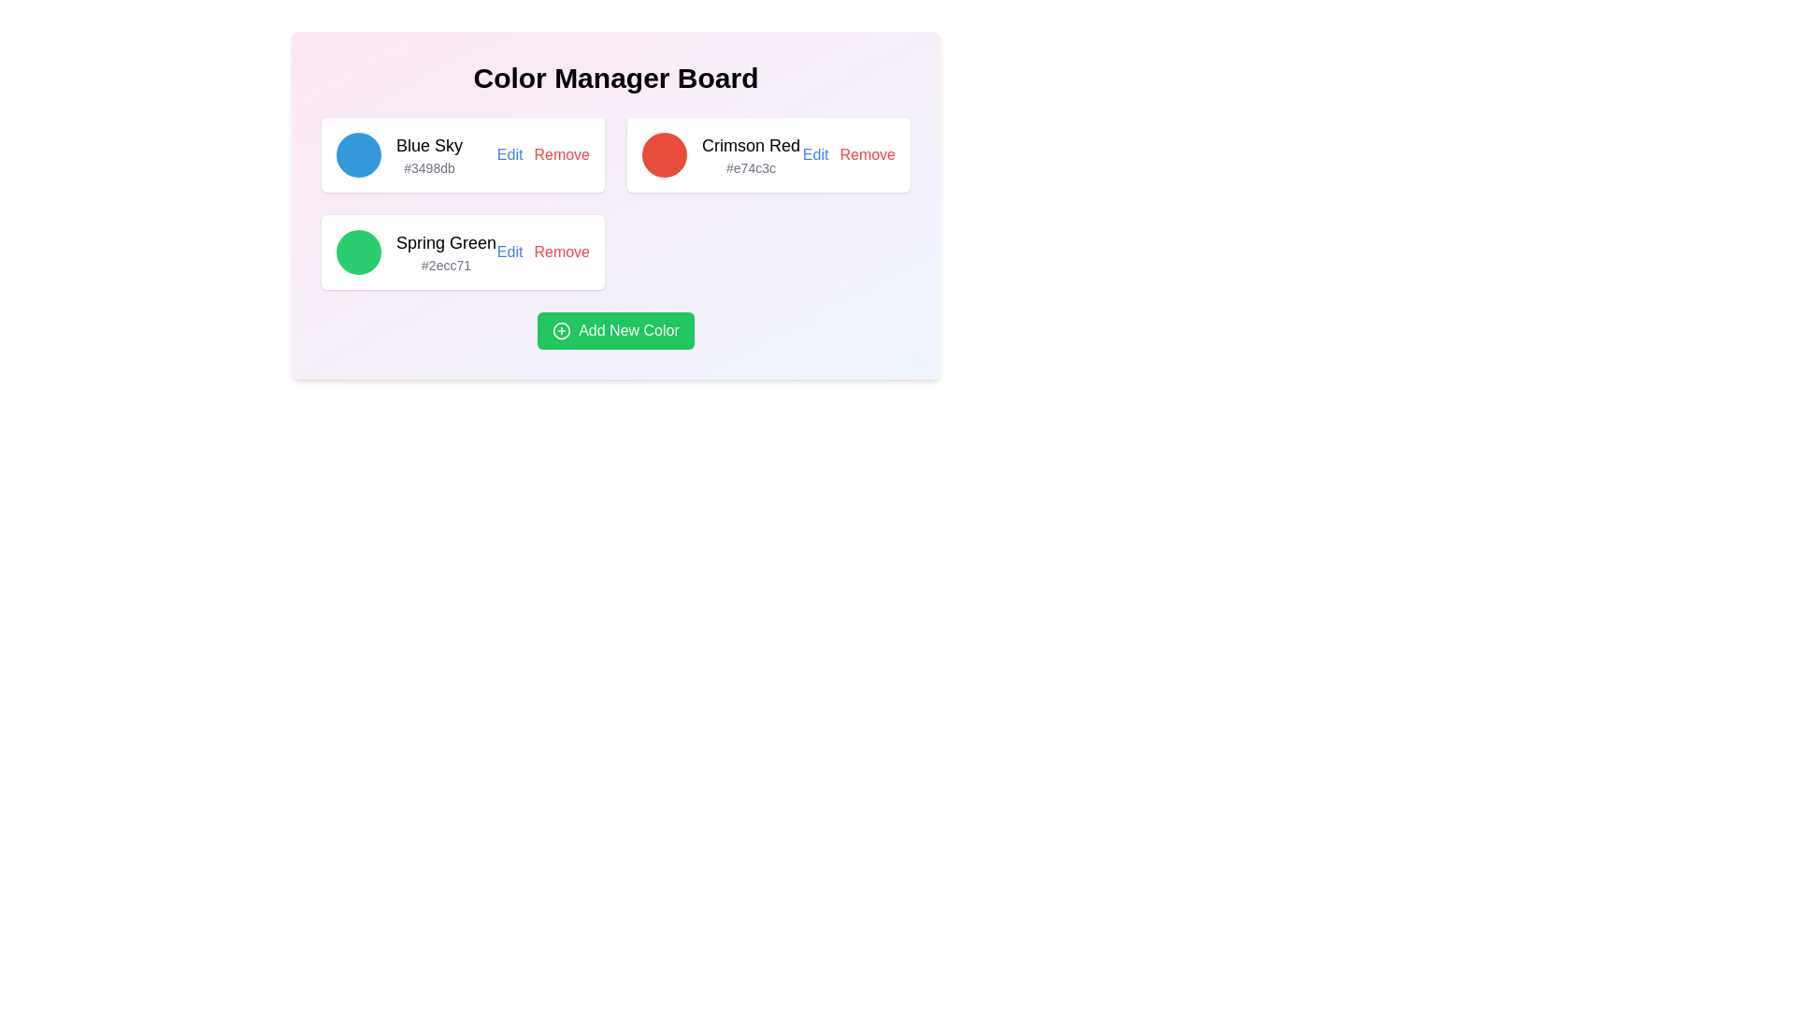  I want to click on the color information block displaying 'Spring Green' with the hexadecimal code '#2ecc71', so click(415, 252).